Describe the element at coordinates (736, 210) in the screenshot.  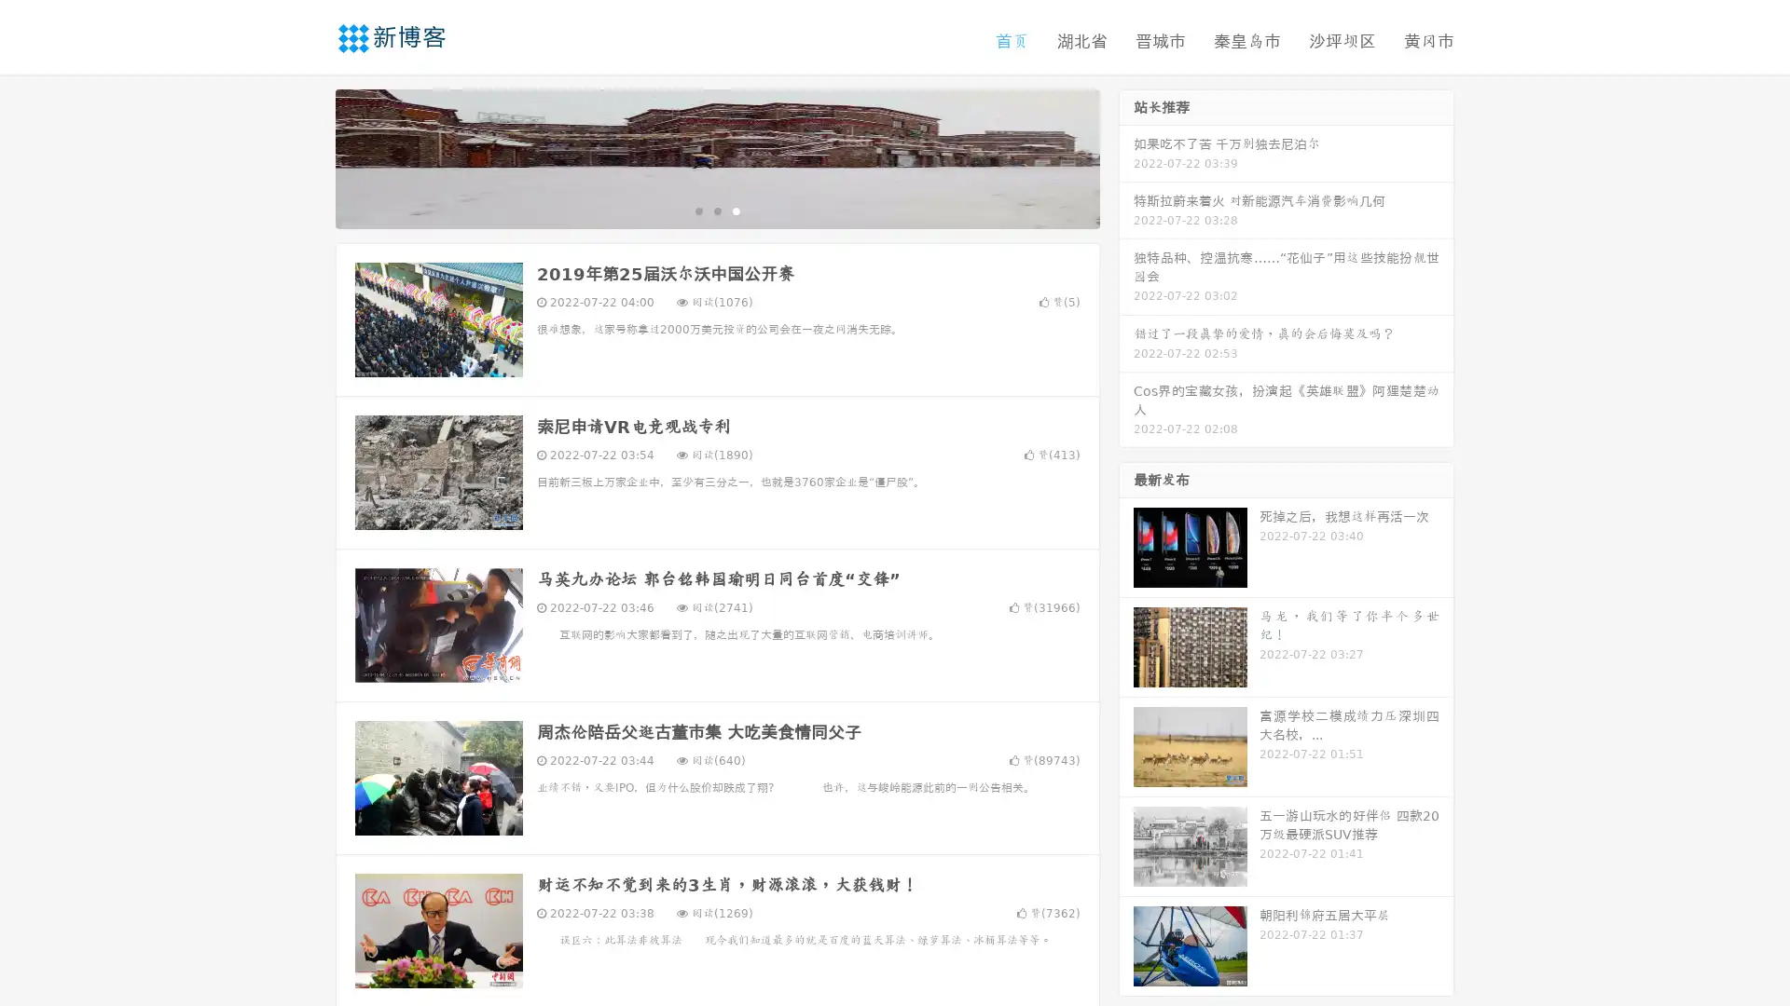
I see `Go to slide 3` at that location.